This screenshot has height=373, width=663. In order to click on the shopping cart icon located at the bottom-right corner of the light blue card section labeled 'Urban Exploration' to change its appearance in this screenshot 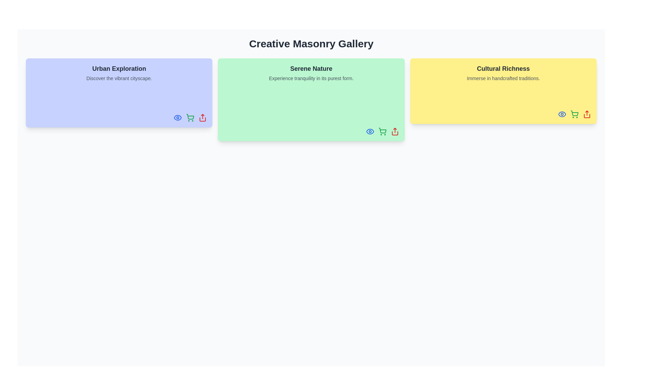, I will do `click(190, 117)`.